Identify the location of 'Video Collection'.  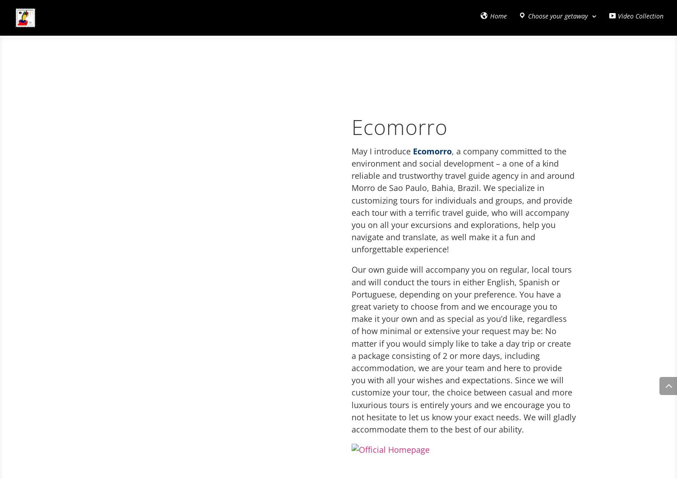
(640, 19).